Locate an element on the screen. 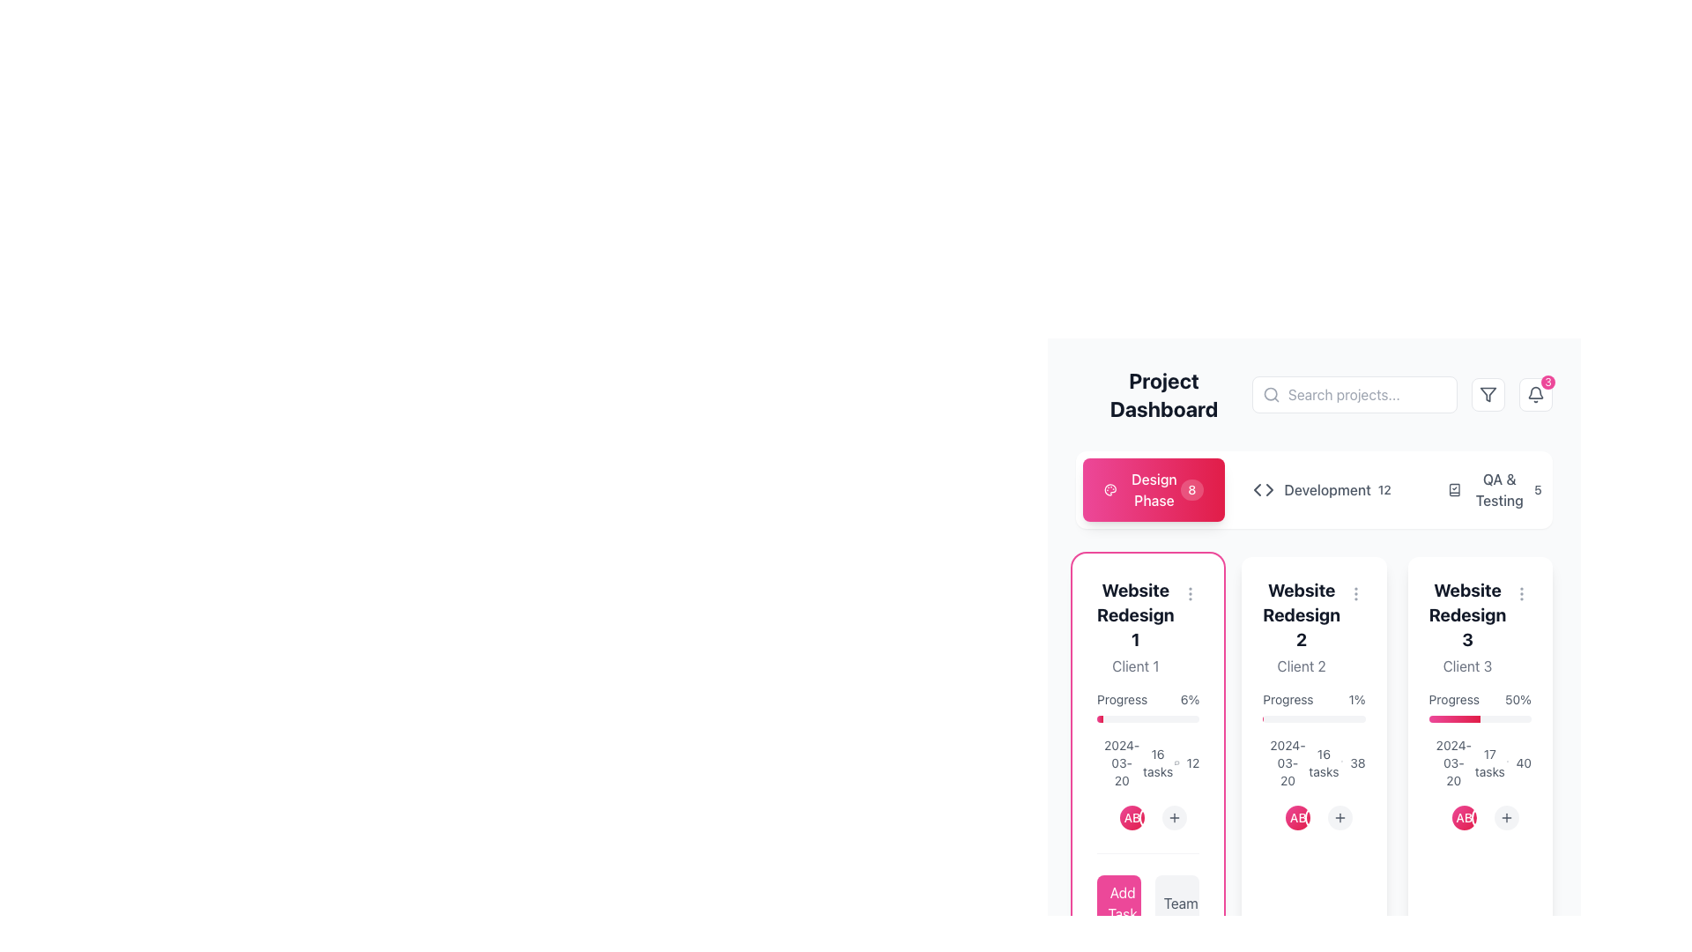 The width and height of the screenshot is (1692, 952). the date '2024-03-20' displayed in the small-sized text label located is located at coordinates (1121, 762).